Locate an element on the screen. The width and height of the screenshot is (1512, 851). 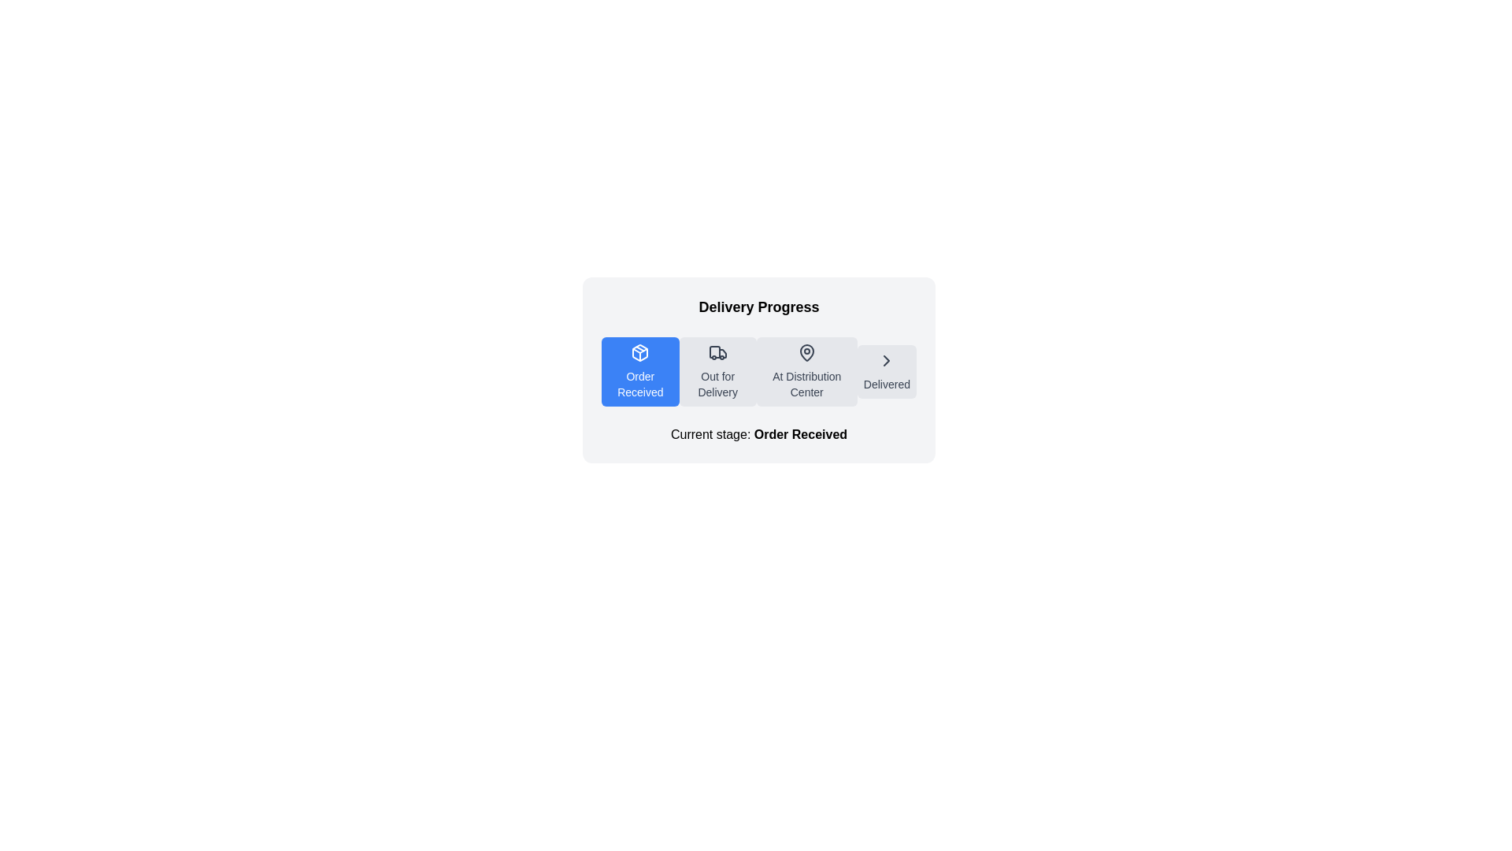
truck icon located within the 'Out for Delivery' button, which is styled with rounded edges and situated between 'Order Received' and 'At Distribution Center.' is located at coordinates (717, 351).